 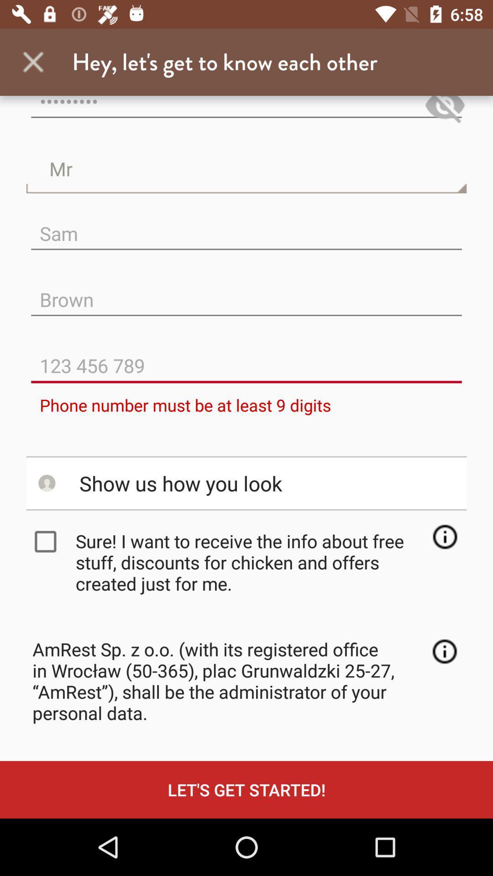 I want to click on more info, so click(x=444, y=537).